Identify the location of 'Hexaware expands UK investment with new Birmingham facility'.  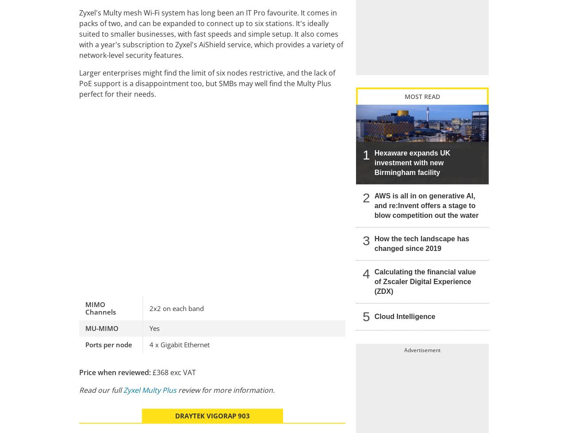
(412, 162).